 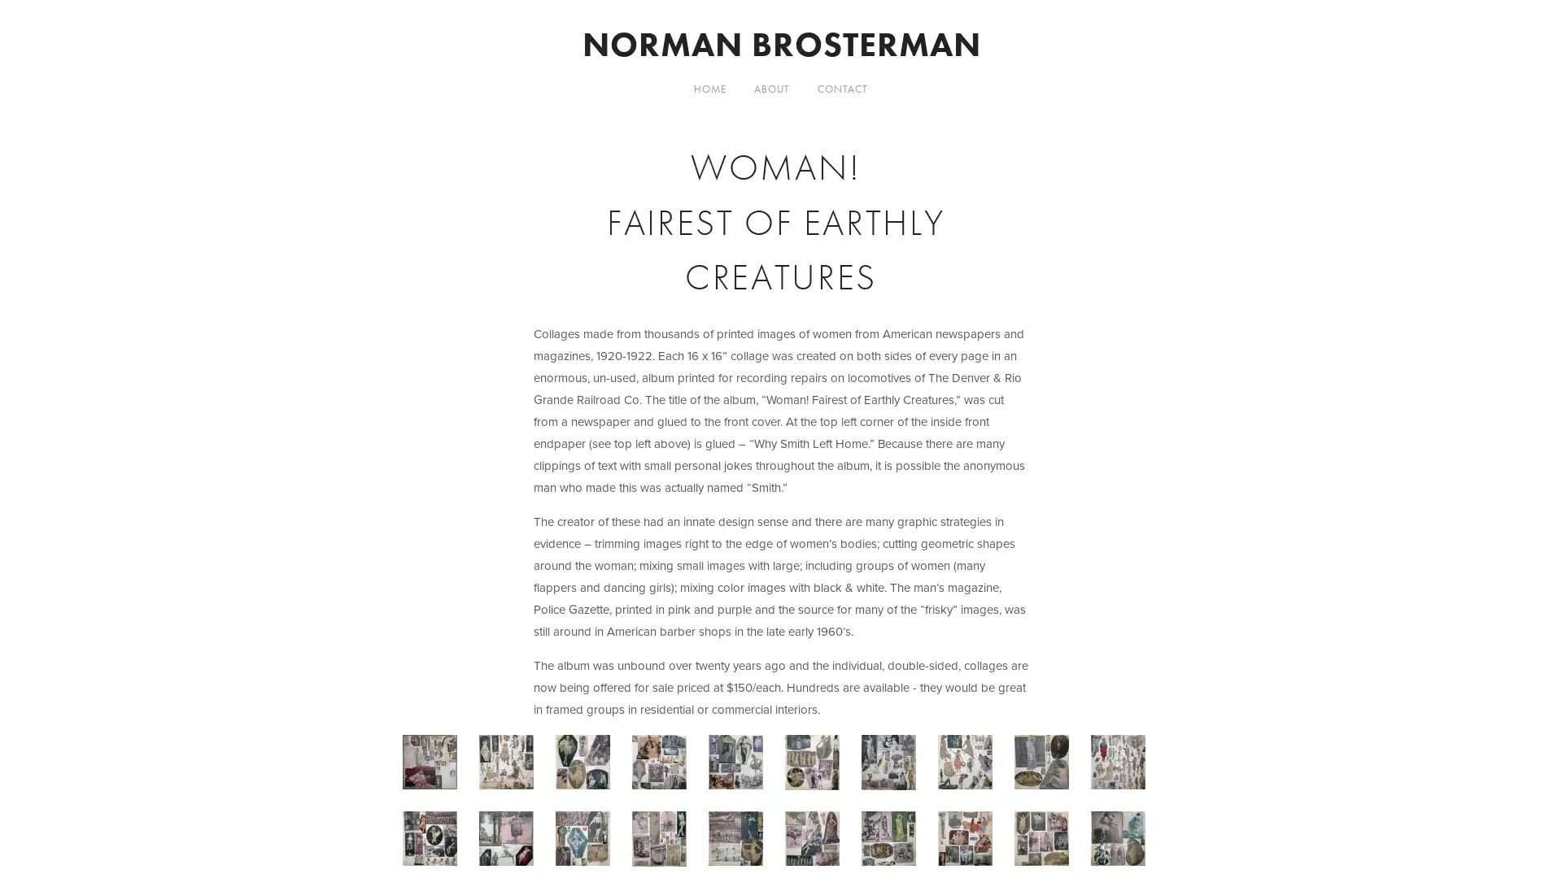 I want to click on View fullsize Smith 42.jpg, so click(x=666, y=768).